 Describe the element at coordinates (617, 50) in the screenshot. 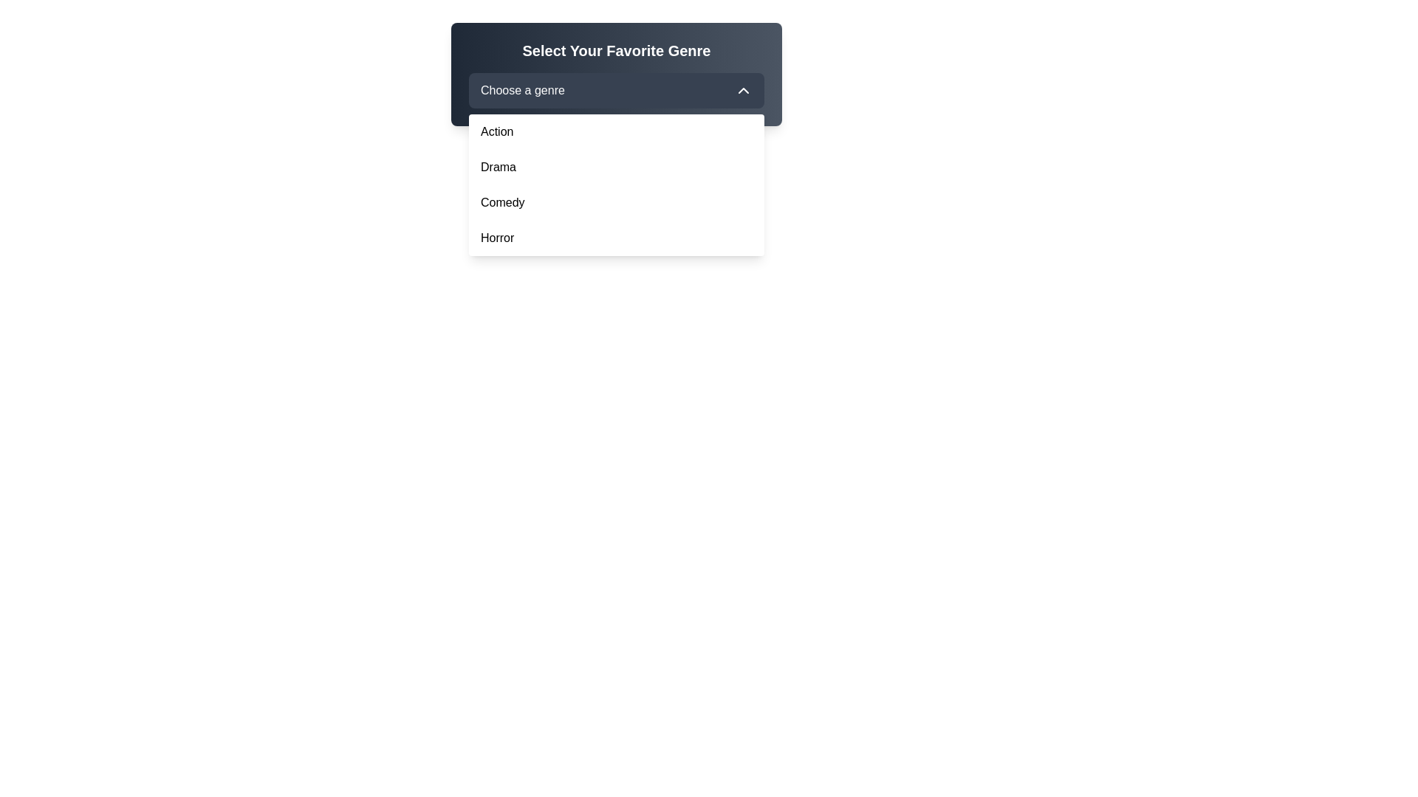

I see `'What this Text' header located at the top-left corner of the dark-themed panel above the 'Choose a genre' dropdown menu` at that location.